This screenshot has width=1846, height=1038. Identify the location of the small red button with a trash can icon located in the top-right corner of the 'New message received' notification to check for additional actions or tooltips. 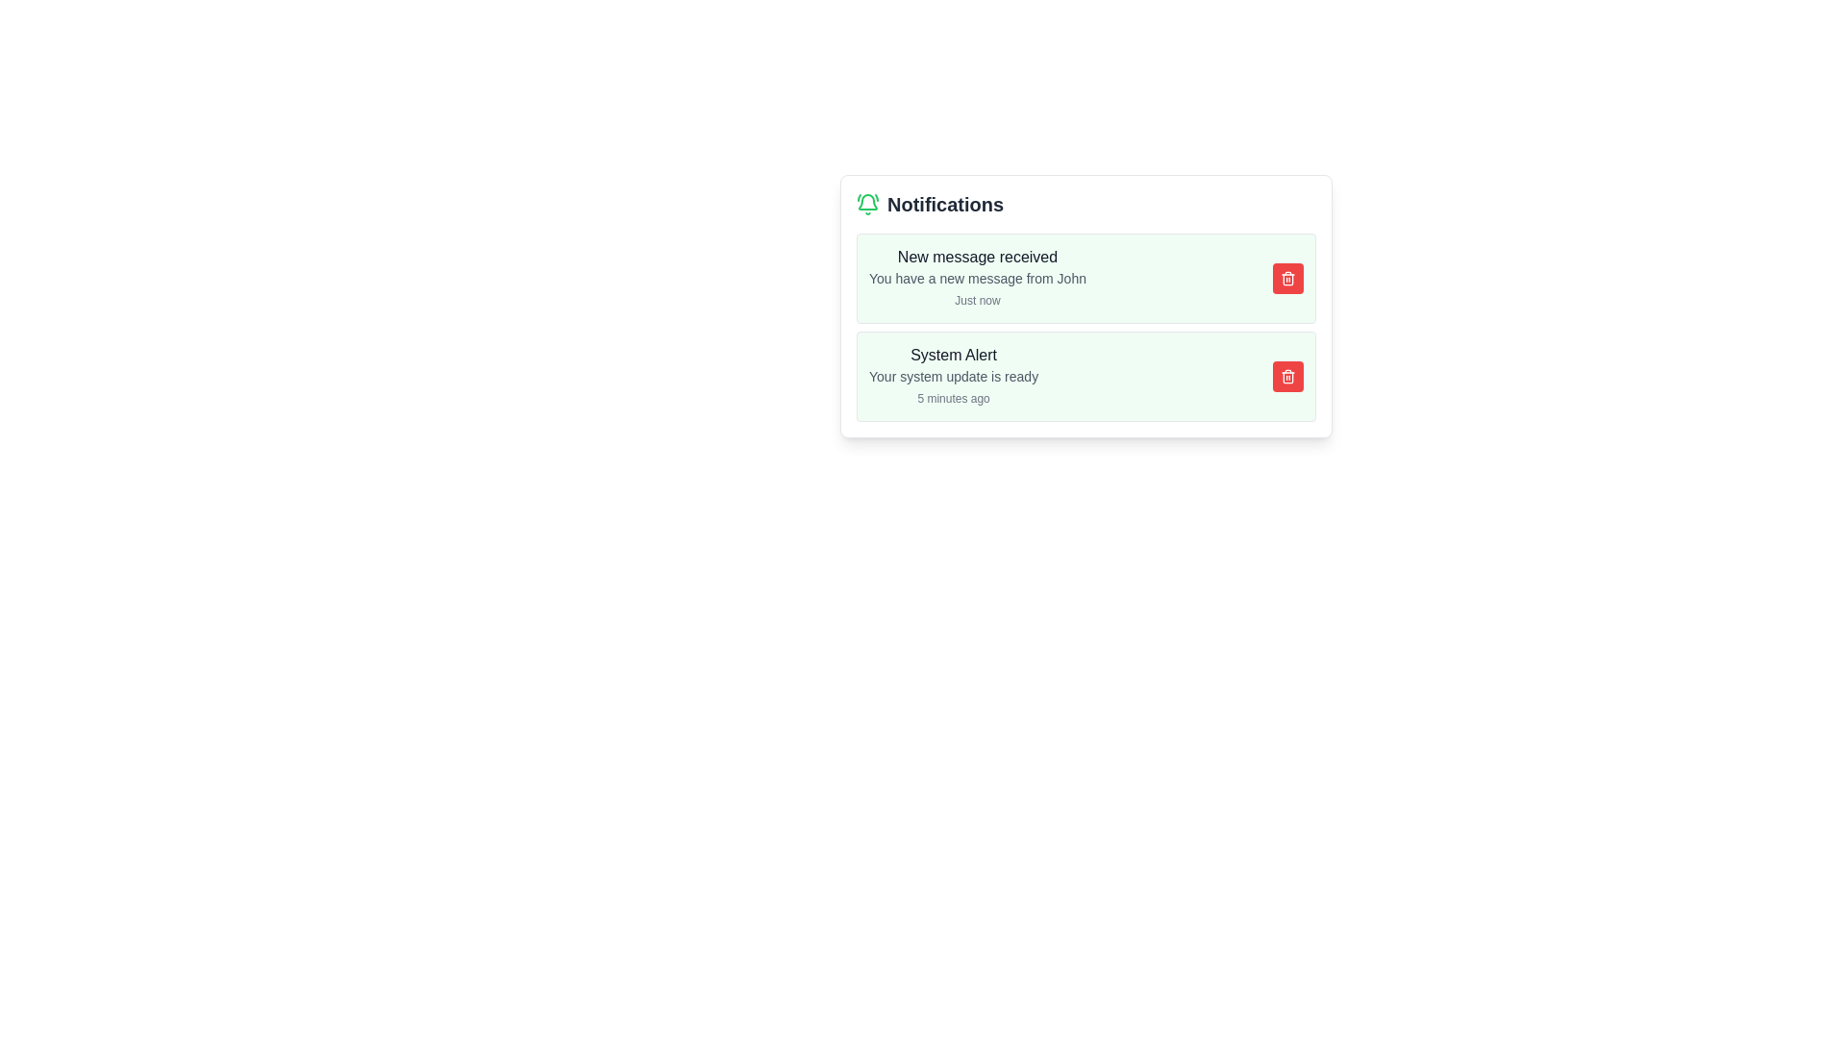
(1287, 278).